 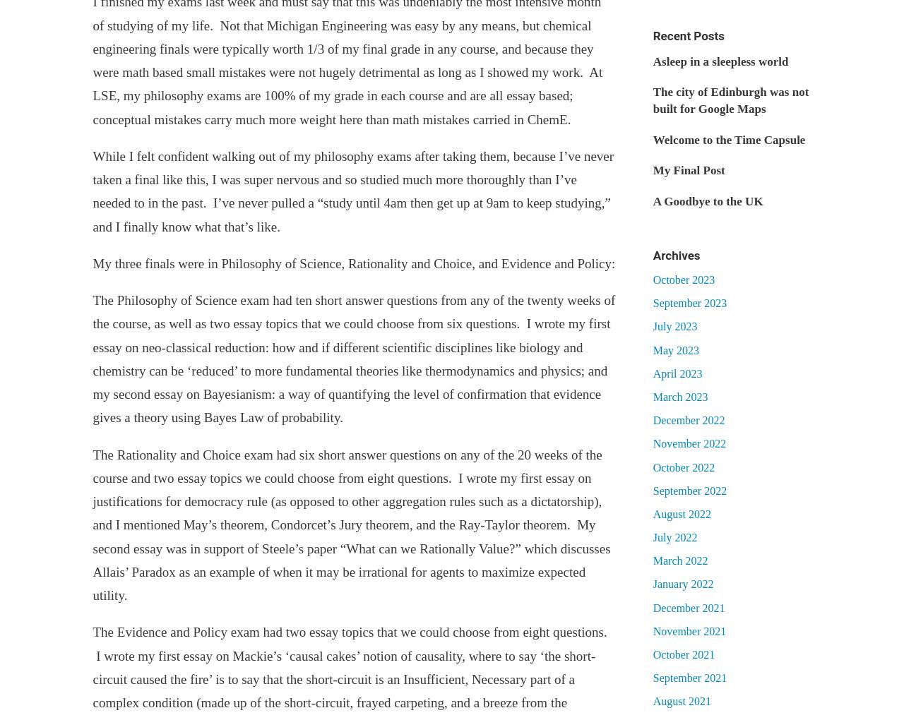 I want to click on 'March 2023', so click(x=679, y=396).